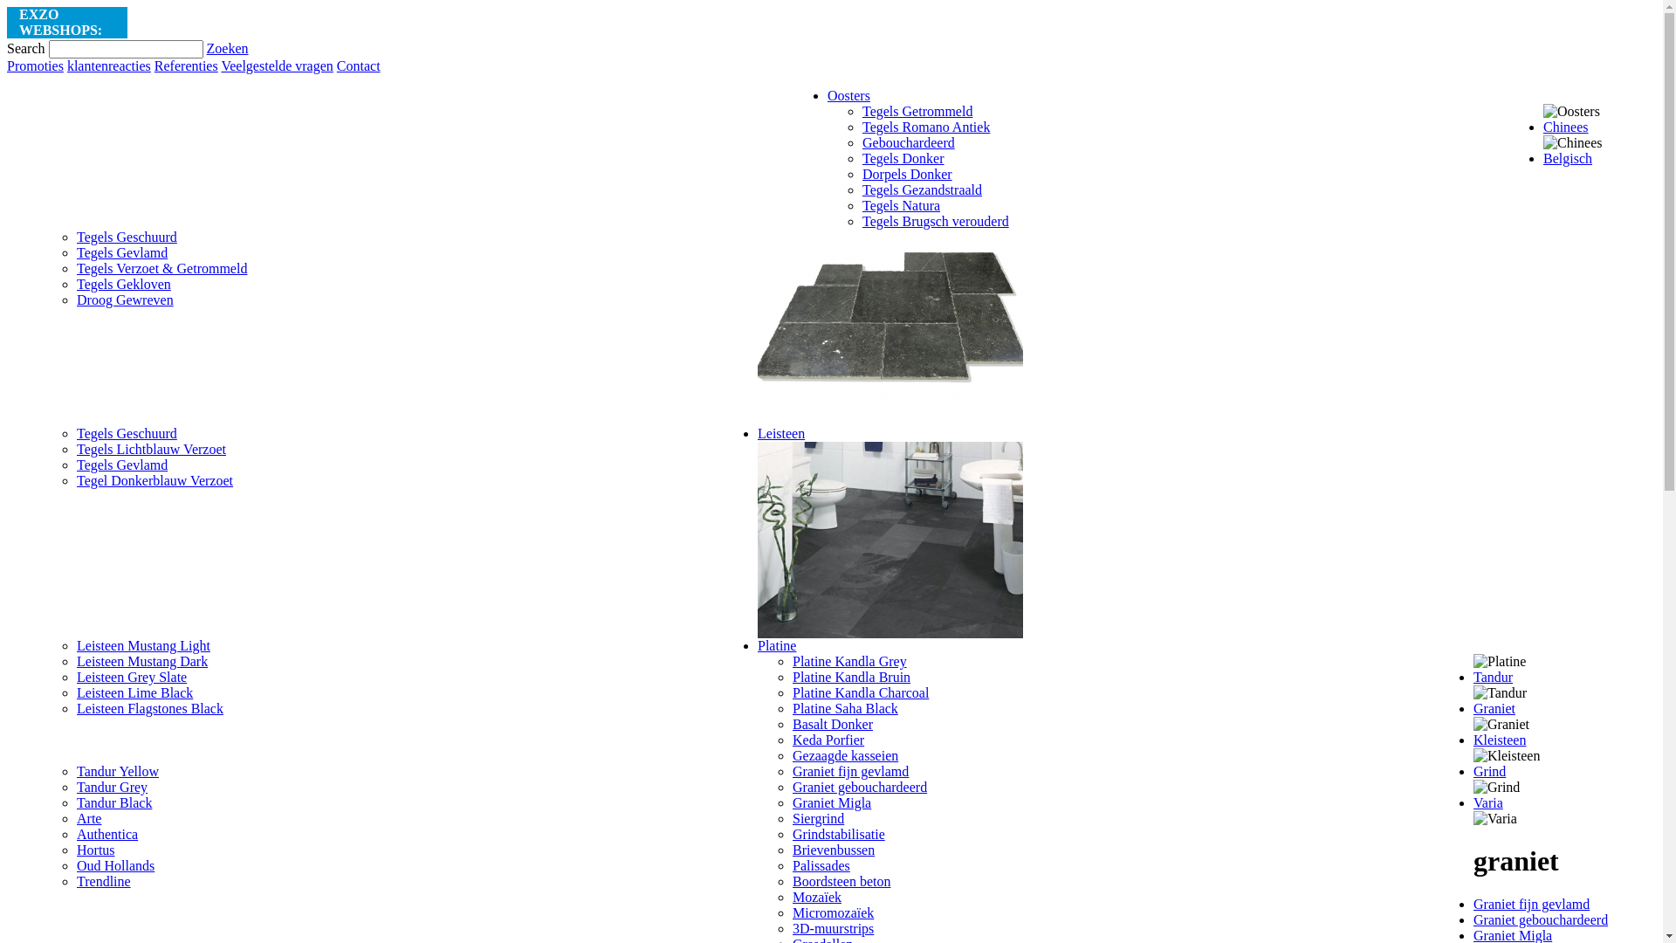  Describe the element at coordinates (921, 189) in the screenshot. I see `'Tegels Gezandstraald'` at that location.